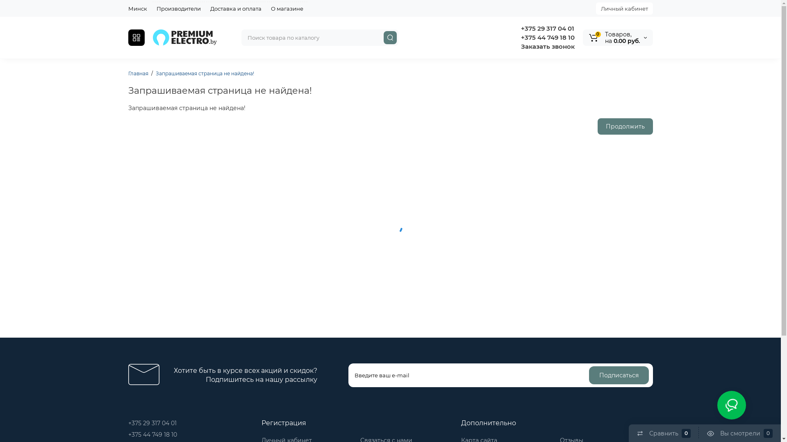  I want to click on '+375 44 749 18 10', so click(546, 37).